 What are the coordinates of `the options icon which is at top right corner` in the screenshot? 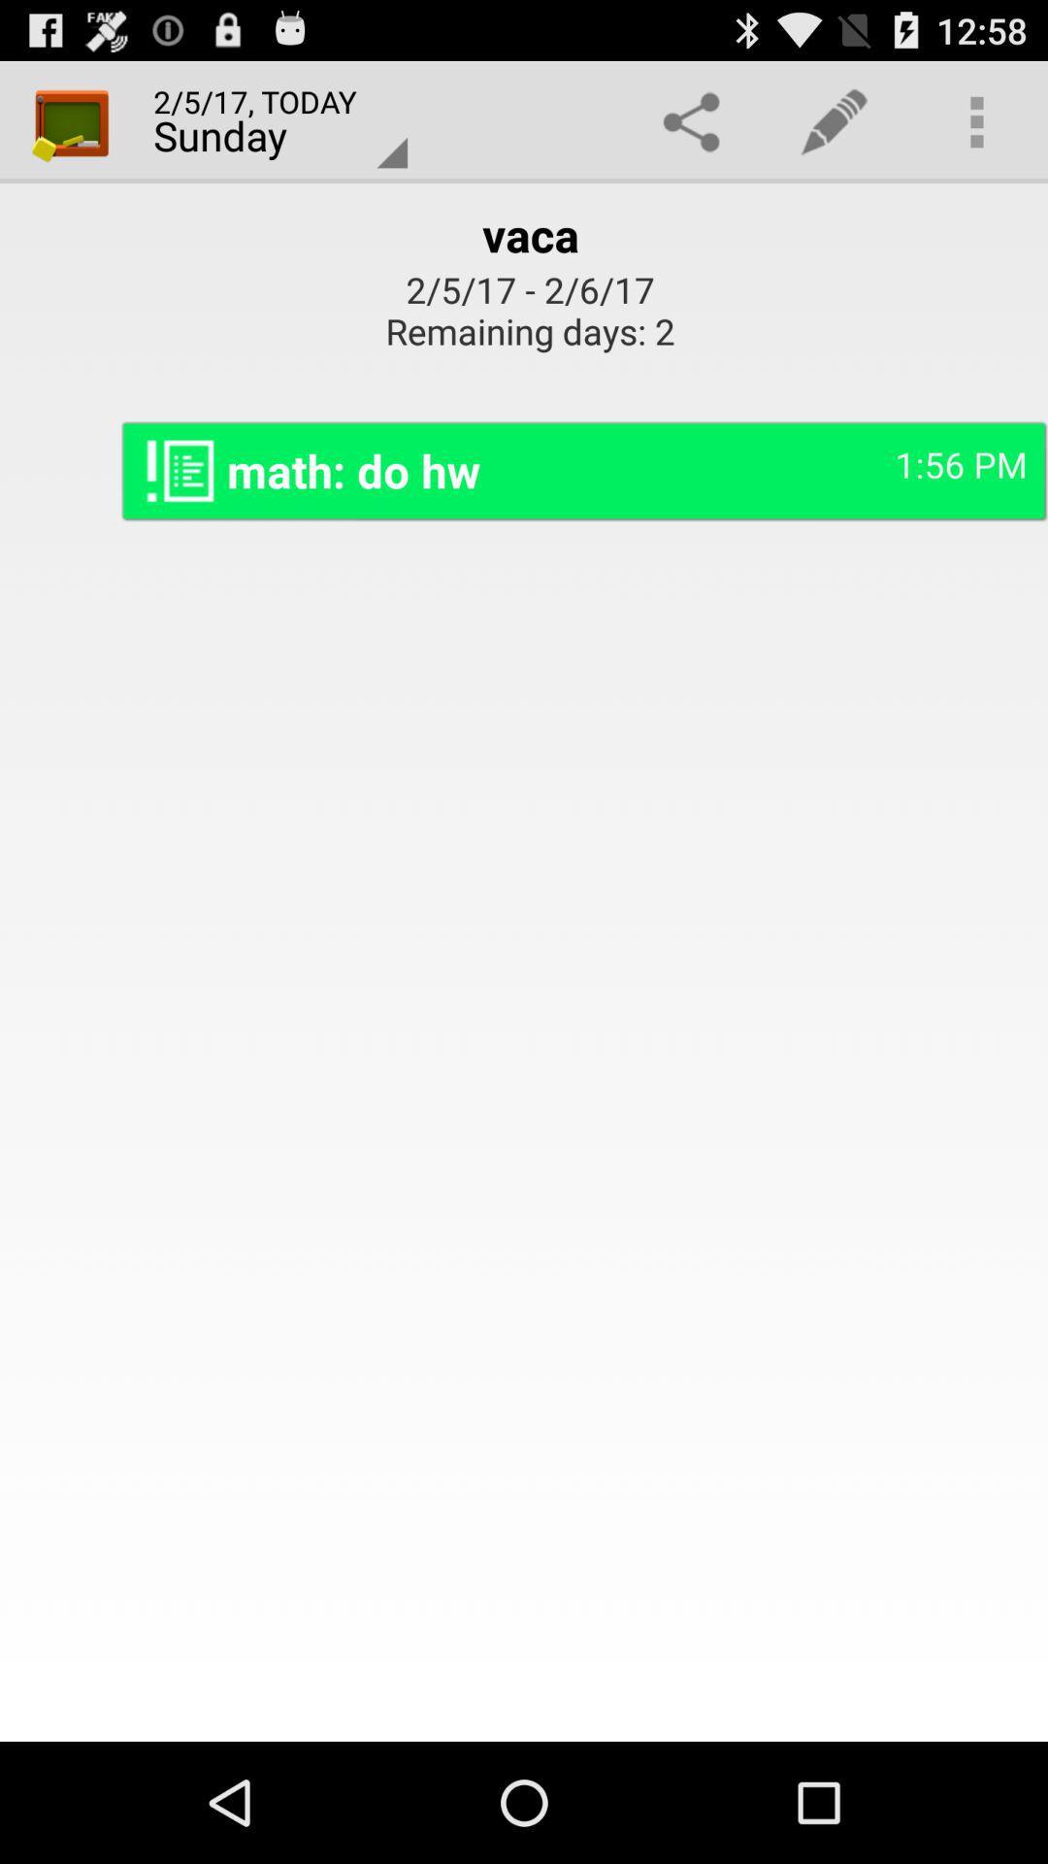 It's located at (976, 120).